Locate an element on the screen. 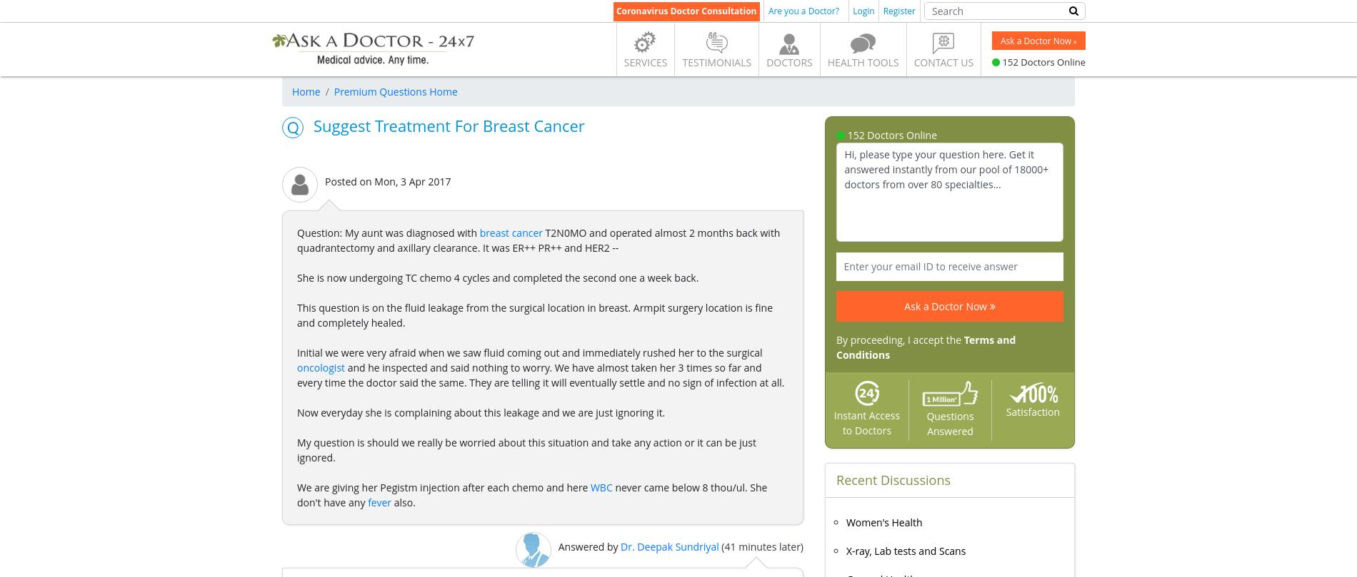  'also.' is located at coordinates (391, 501).